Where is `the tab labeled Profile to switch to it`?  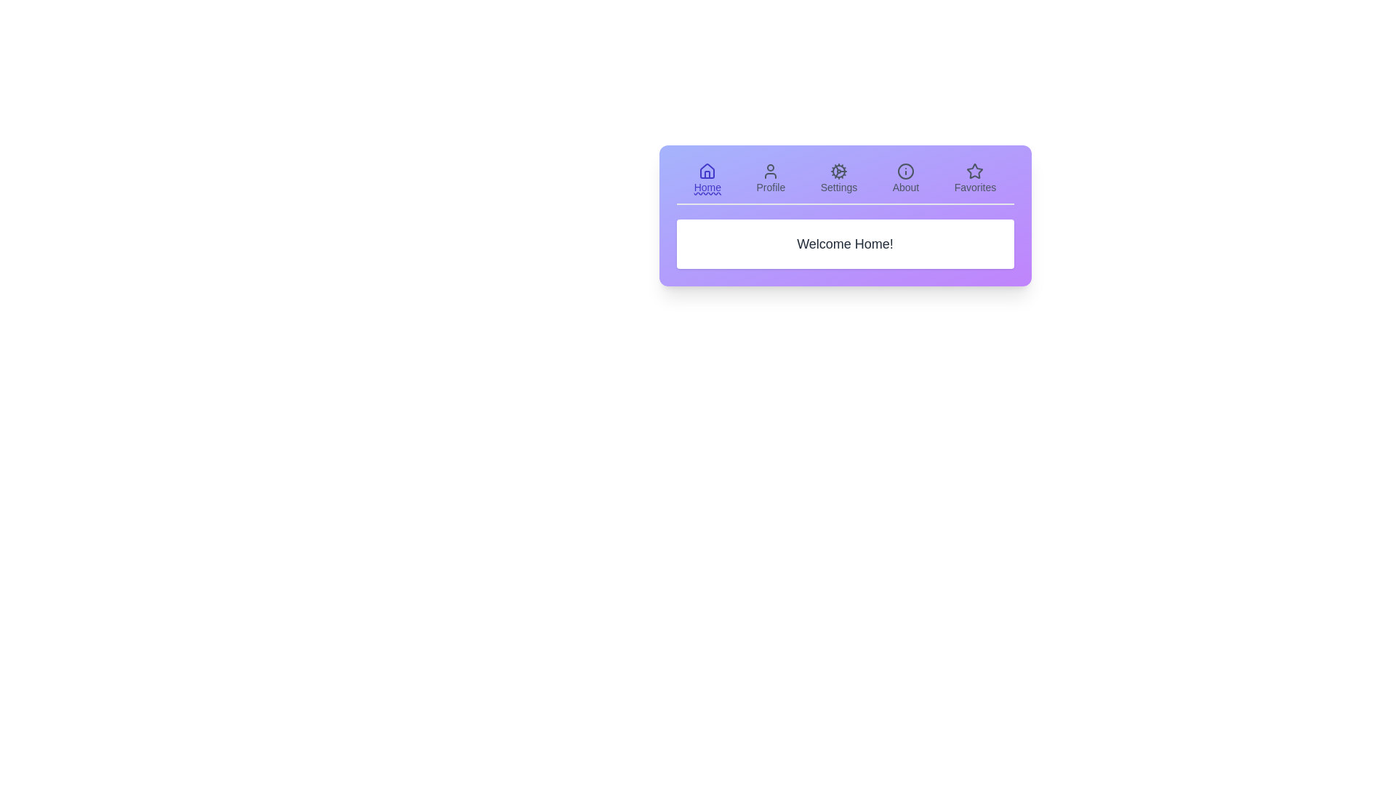 the tab labeled Profile to switch to it is located at coordinates (770, 178).